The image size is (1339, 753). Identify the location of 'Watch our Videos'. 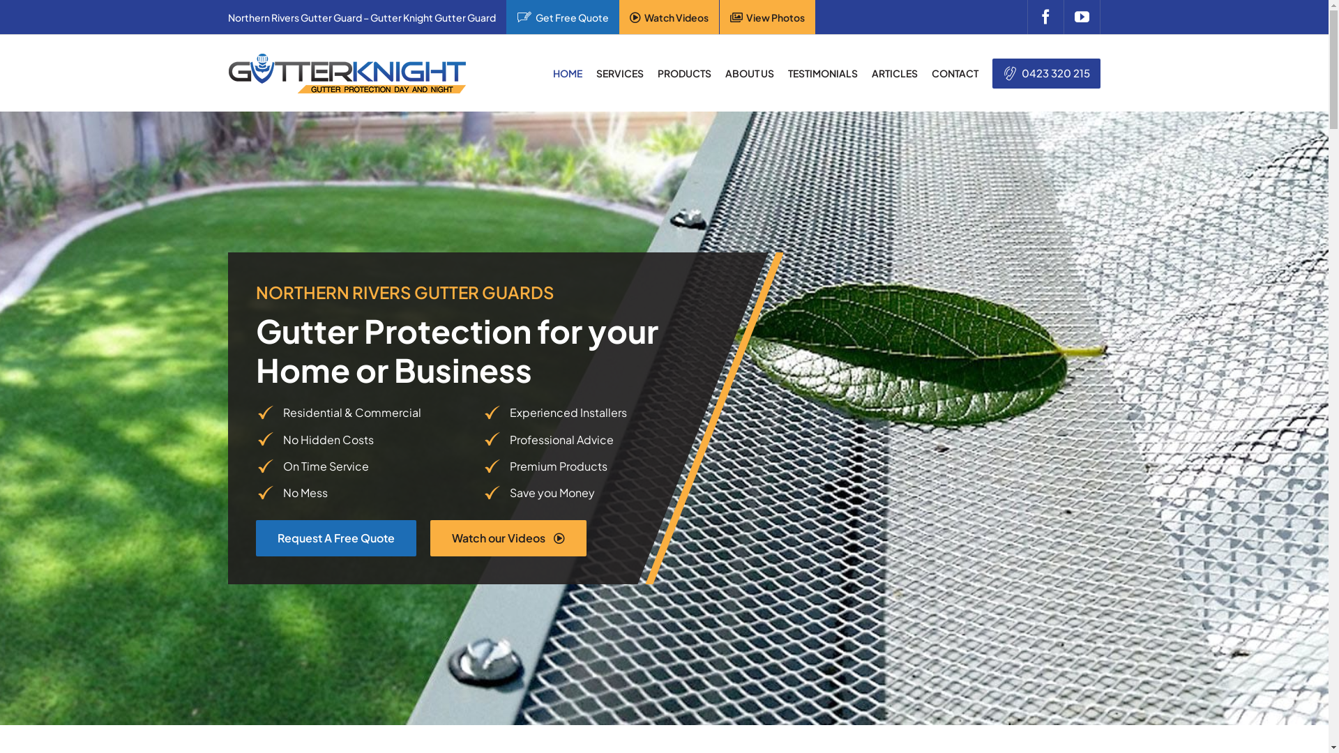
(507, 537).